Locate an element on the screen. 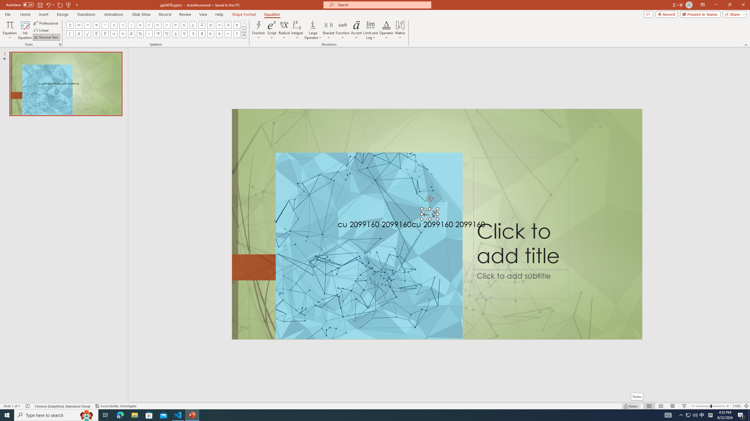 This screenshot has height=421, width=750. 'Linear' is located at coordinates (42, 30).